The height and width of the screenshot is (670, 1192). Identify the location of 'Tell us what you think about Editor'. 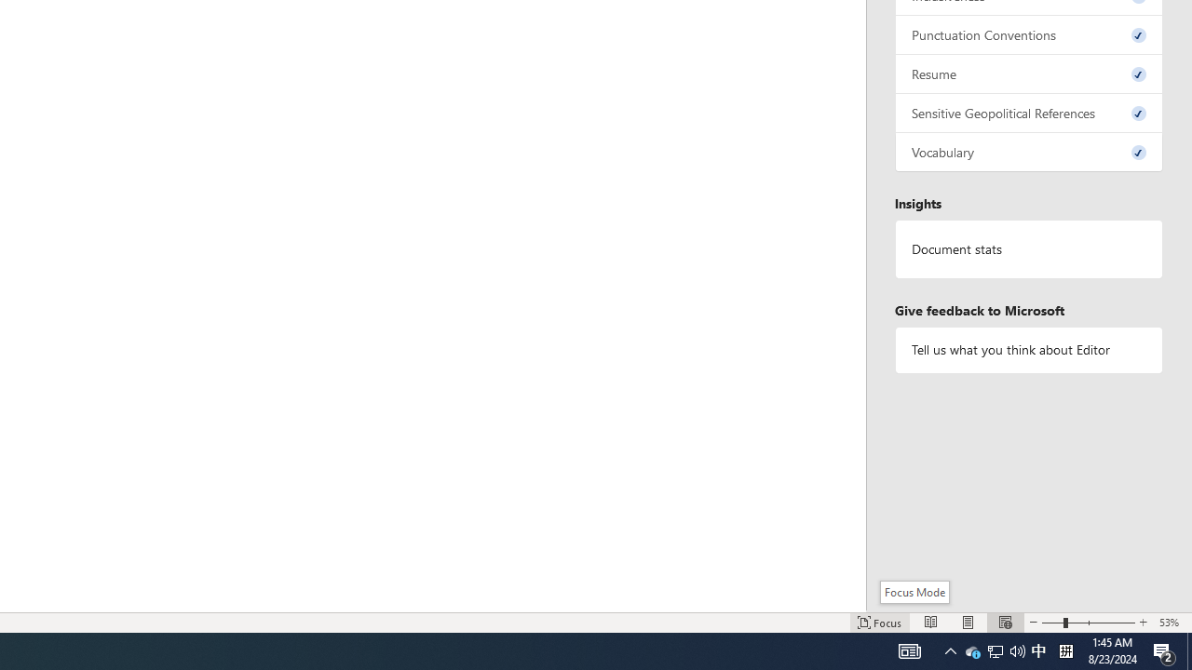
(1028, 350).